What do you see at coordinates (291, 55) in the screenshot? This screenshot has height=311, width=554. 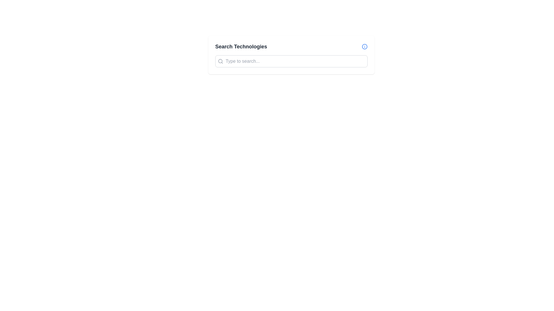 I see `the interactive search interface element` at bounding box center [291, 55].